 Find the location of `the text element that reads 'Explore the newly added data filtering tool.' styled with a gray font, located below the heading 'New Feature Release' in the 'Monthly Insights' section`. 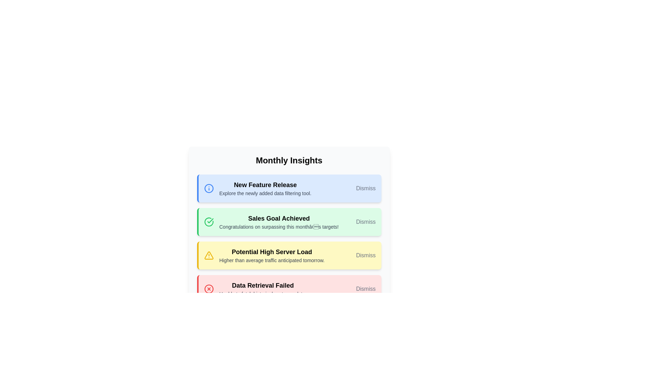

the text element that reads 'Explore the newly added data filtering tool.' styled with a gray font, located below the heading 'New Feature Release' in the 'Monthly Insights' section is located at coordinates (265, 193).